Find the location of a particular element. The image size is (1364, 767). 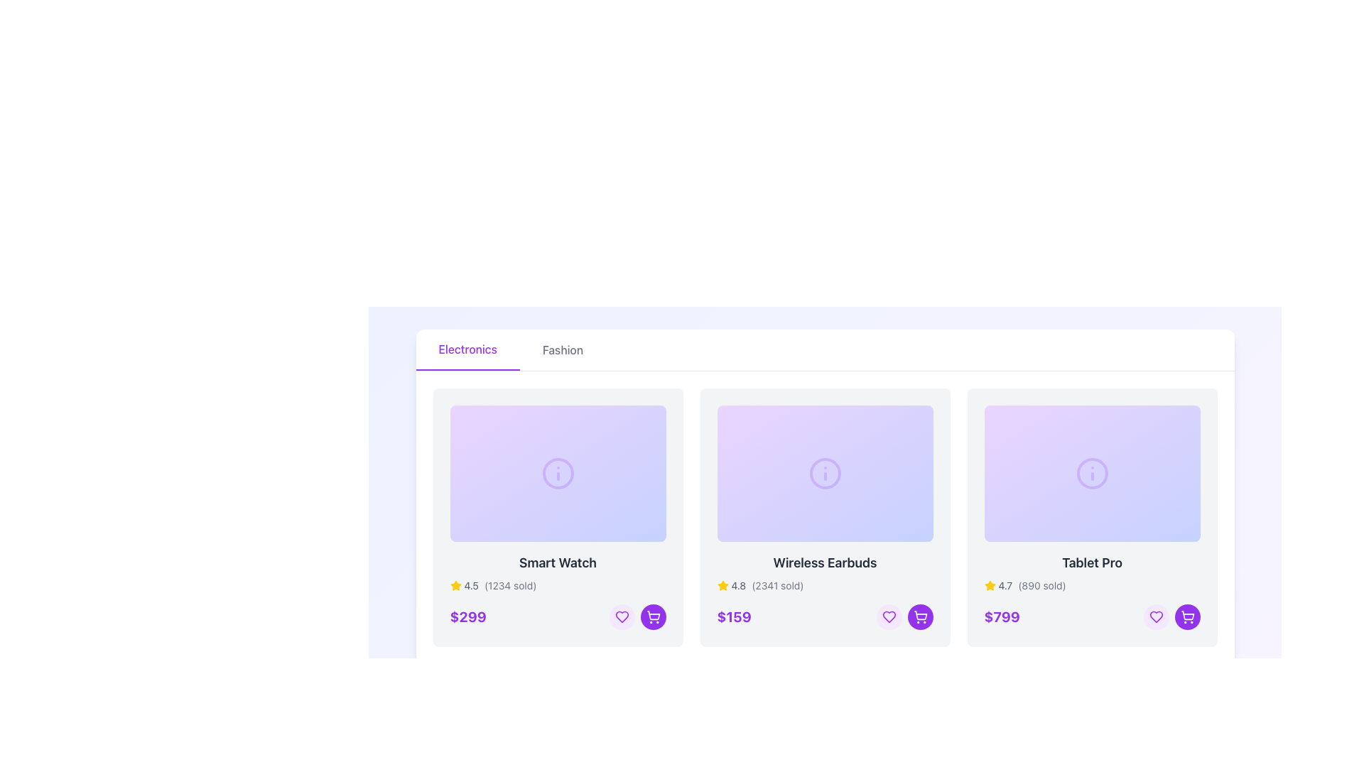

the shopping cart icon located at the bottom-right corner of the third product card for 'Tablet Pro' is located at coordinates (652, 614).